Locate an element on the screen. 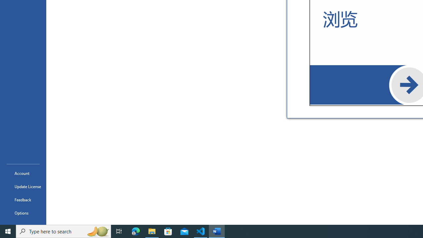 The width and height of the screenshot is (423, 238). 'Microsoft Store' is located at coordinates (168, 231).